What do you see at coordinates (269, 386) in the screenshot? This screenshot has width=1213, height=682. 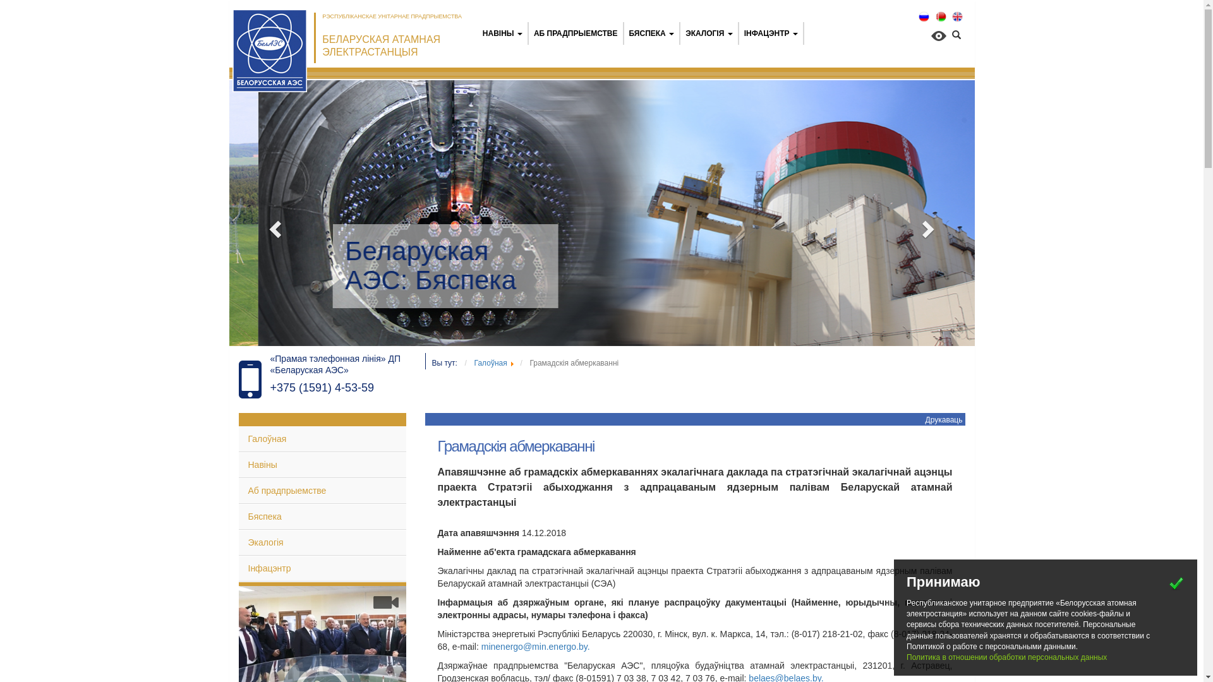 I see `'+375 (1591) 4-53-59'` at bounding box center [269, 386].